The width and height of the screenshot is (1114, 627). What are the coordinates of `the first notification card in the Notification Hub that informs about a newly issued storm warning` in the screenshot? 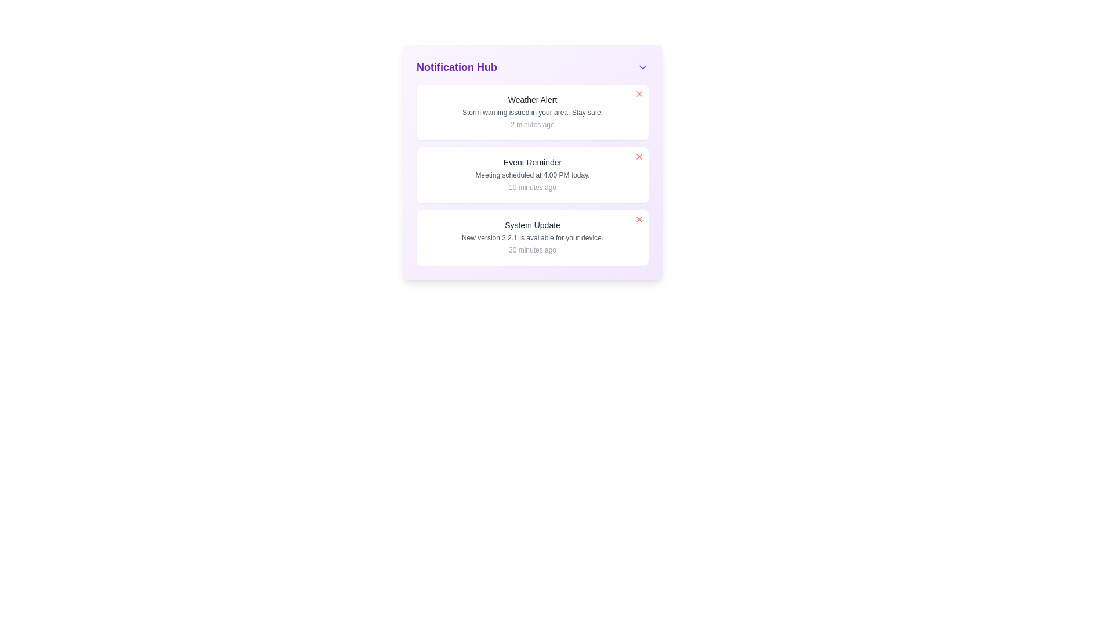 It's located at (531, 112).